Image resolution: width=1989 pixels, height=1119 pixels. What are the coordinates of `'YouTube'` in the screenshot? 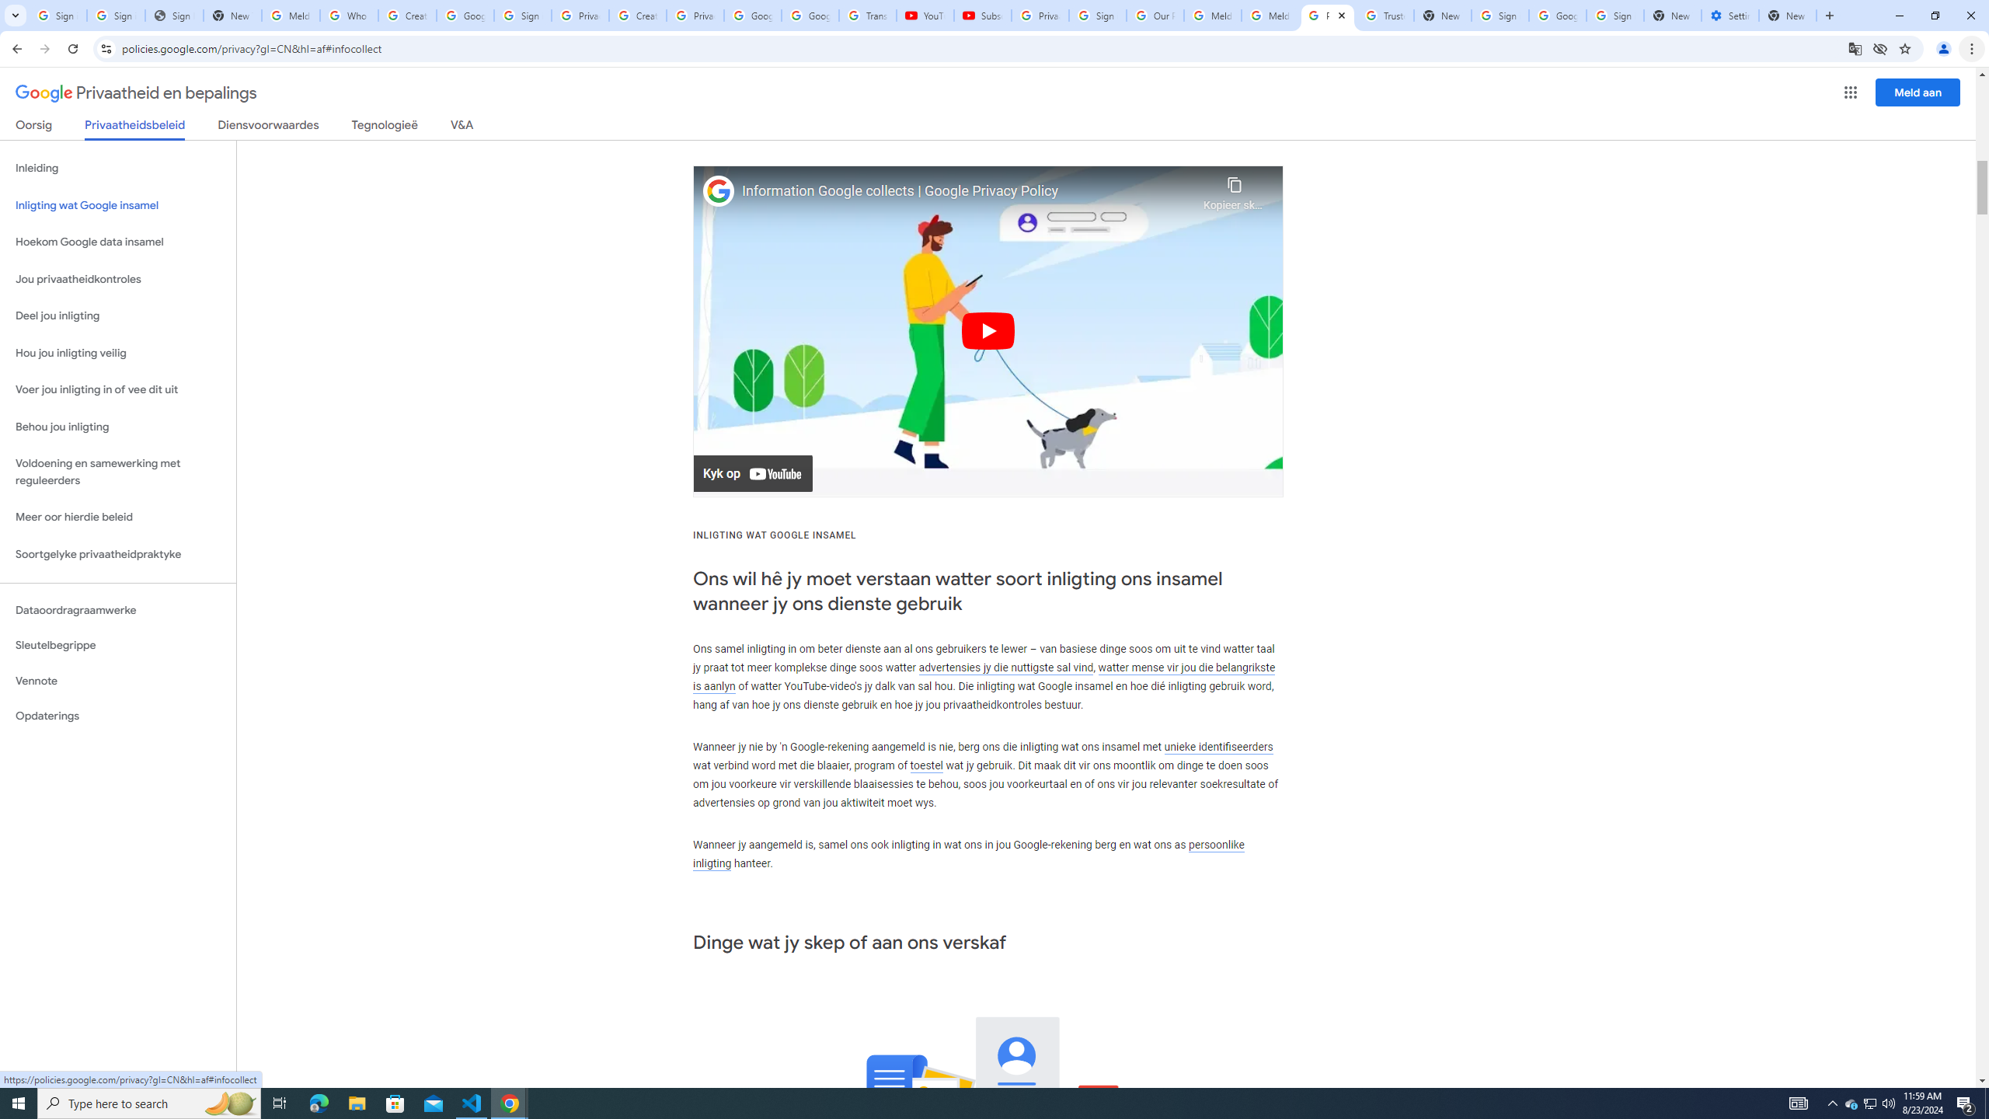 It's located at (925, 15).